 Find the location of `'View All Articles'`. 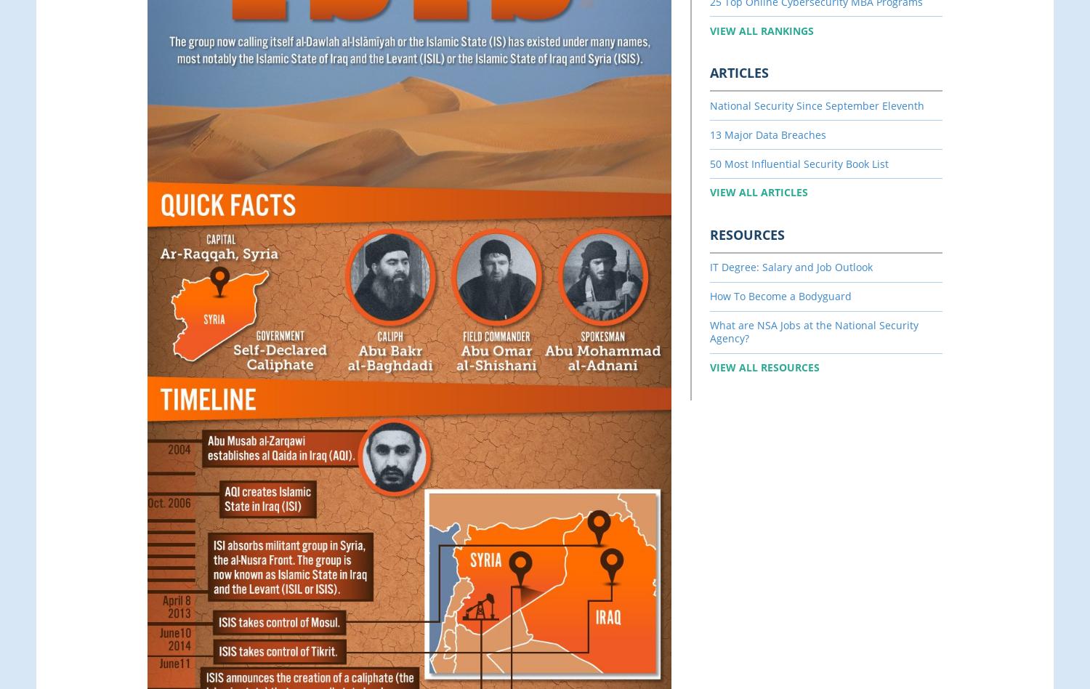

'View All Articles' is located at coordinates (759, 192).